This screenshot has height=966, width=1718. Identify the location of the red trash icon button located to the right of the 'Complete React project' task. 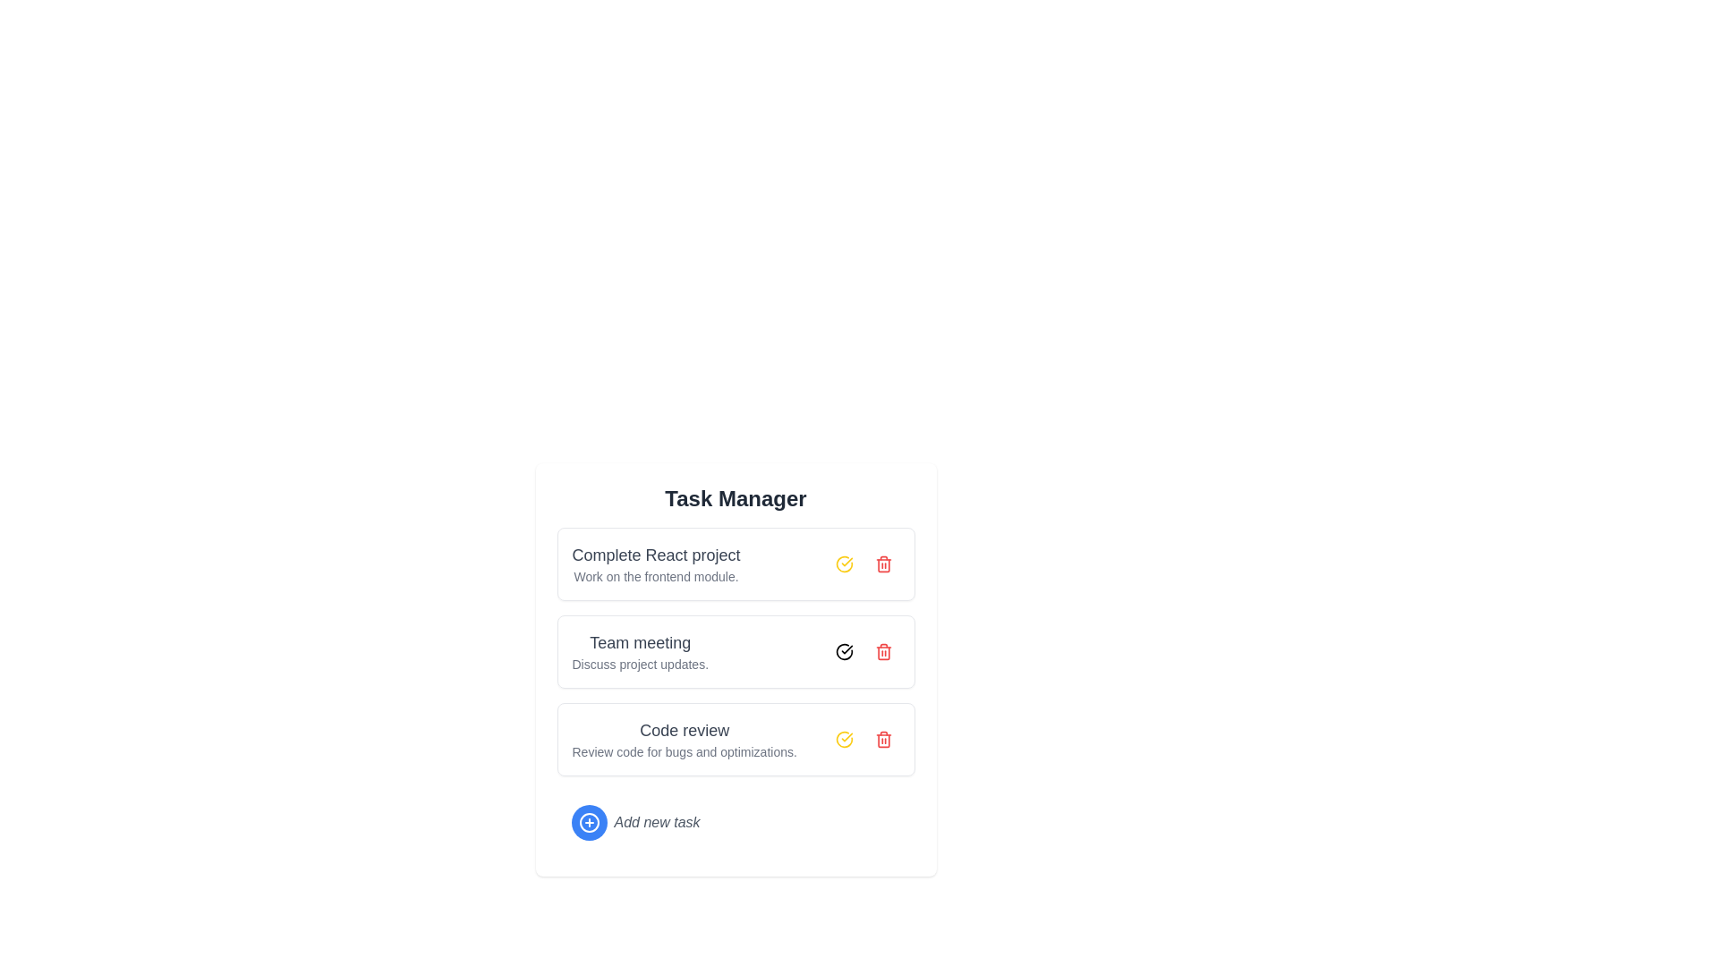
(883, 564).